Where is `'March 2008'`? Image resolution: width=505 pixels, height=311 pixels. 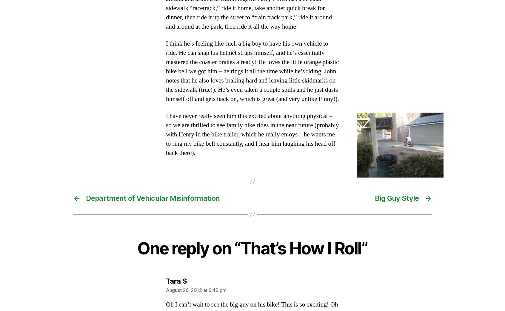 'March 2008' is located at coordinates (91, 249).